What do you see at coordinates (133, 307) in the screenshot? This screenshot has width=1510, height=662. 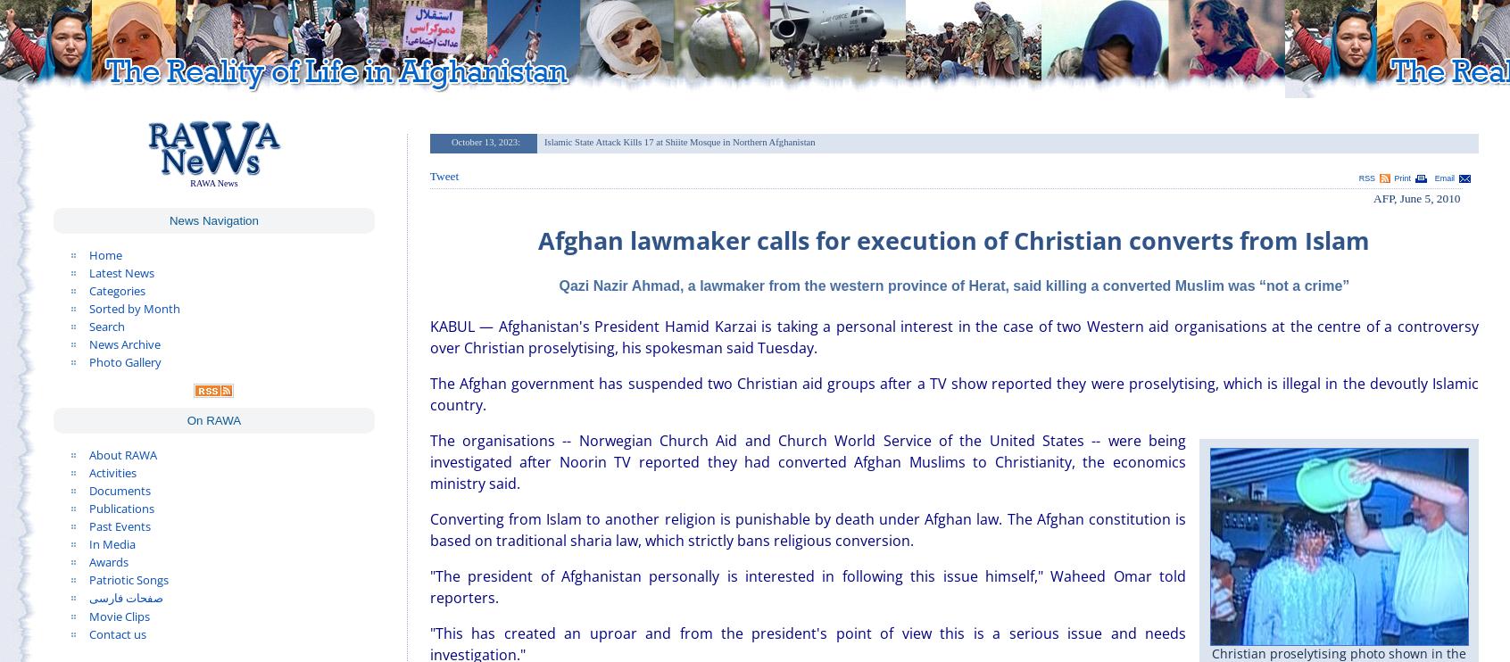 I see `'Sorted by Month'` at bounding box center [133, 307].